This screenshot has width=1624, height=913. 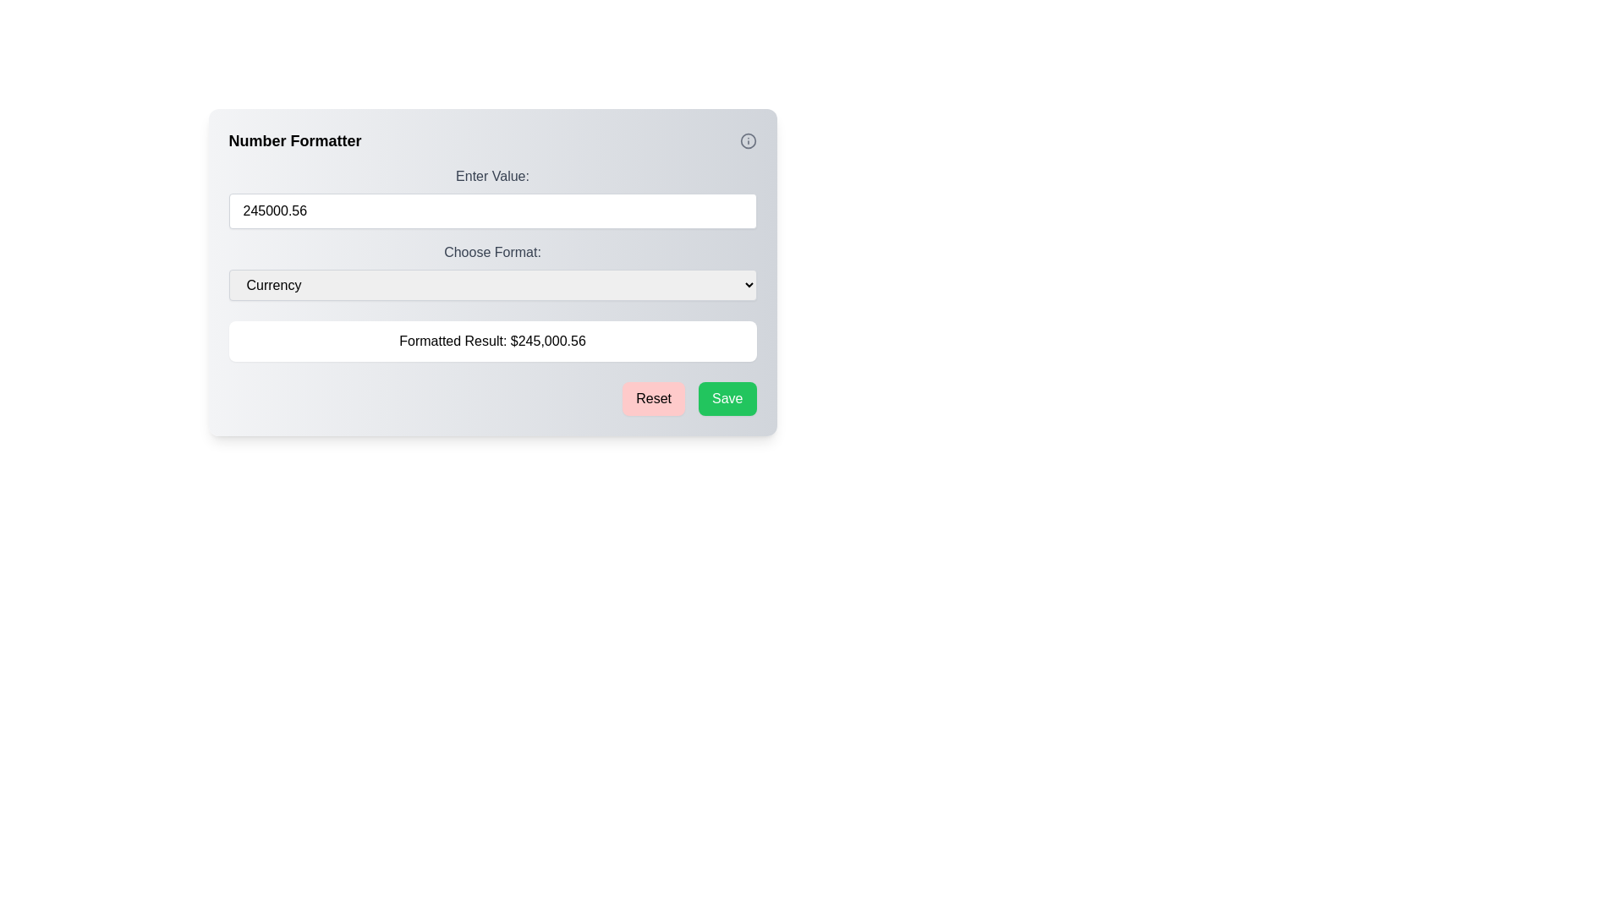 I want to click on the Circle graphic element located at the top-right corner of the interface, which serves as an icon or visual indicator, so click(x=747, y=139).